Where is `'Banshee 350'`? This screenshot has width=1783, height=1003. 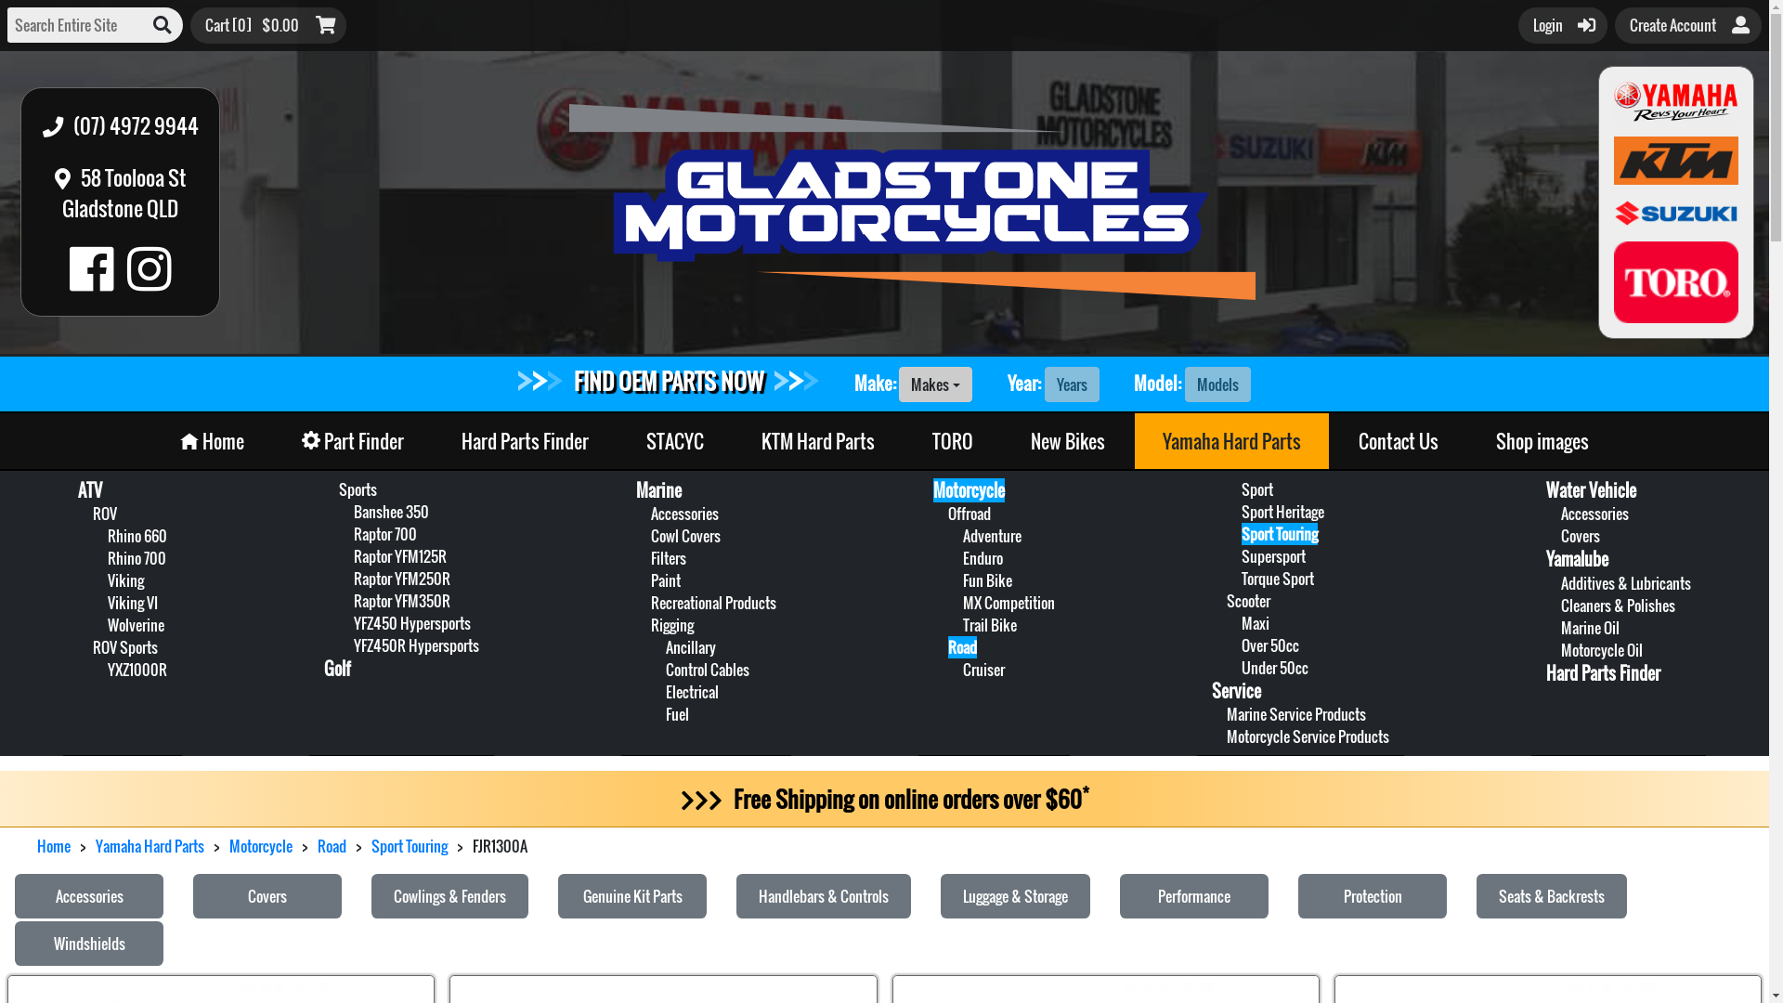 'Banshee 350' is located at coordinates (390, 512).